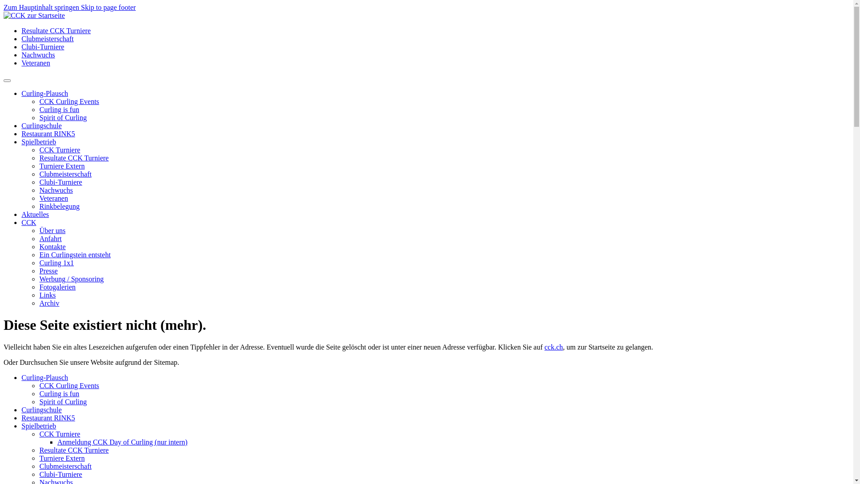  Describe the element at coordinates (53, 198) in the screenshot. I see `'Veteranen'` at that location.